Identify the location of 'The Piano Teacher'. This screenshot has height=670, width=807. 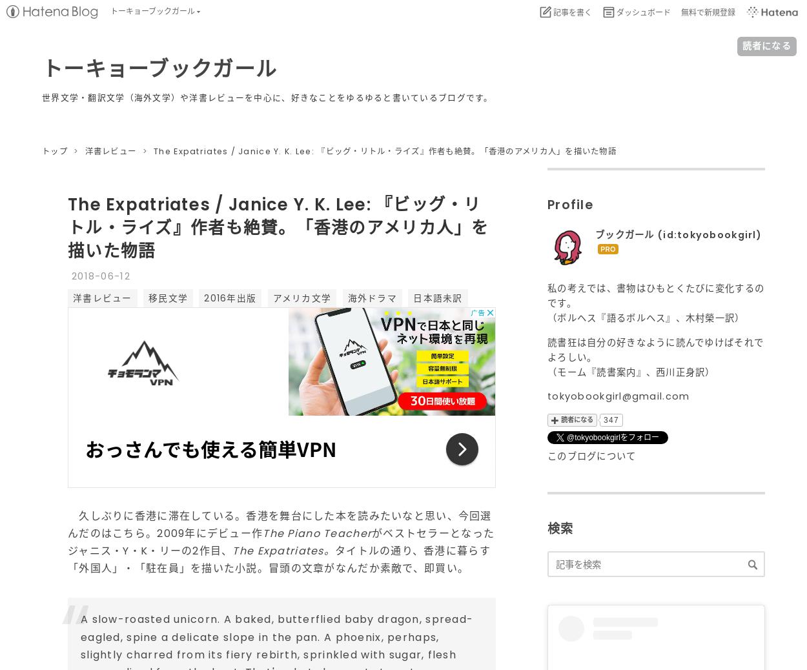
(316, 533).